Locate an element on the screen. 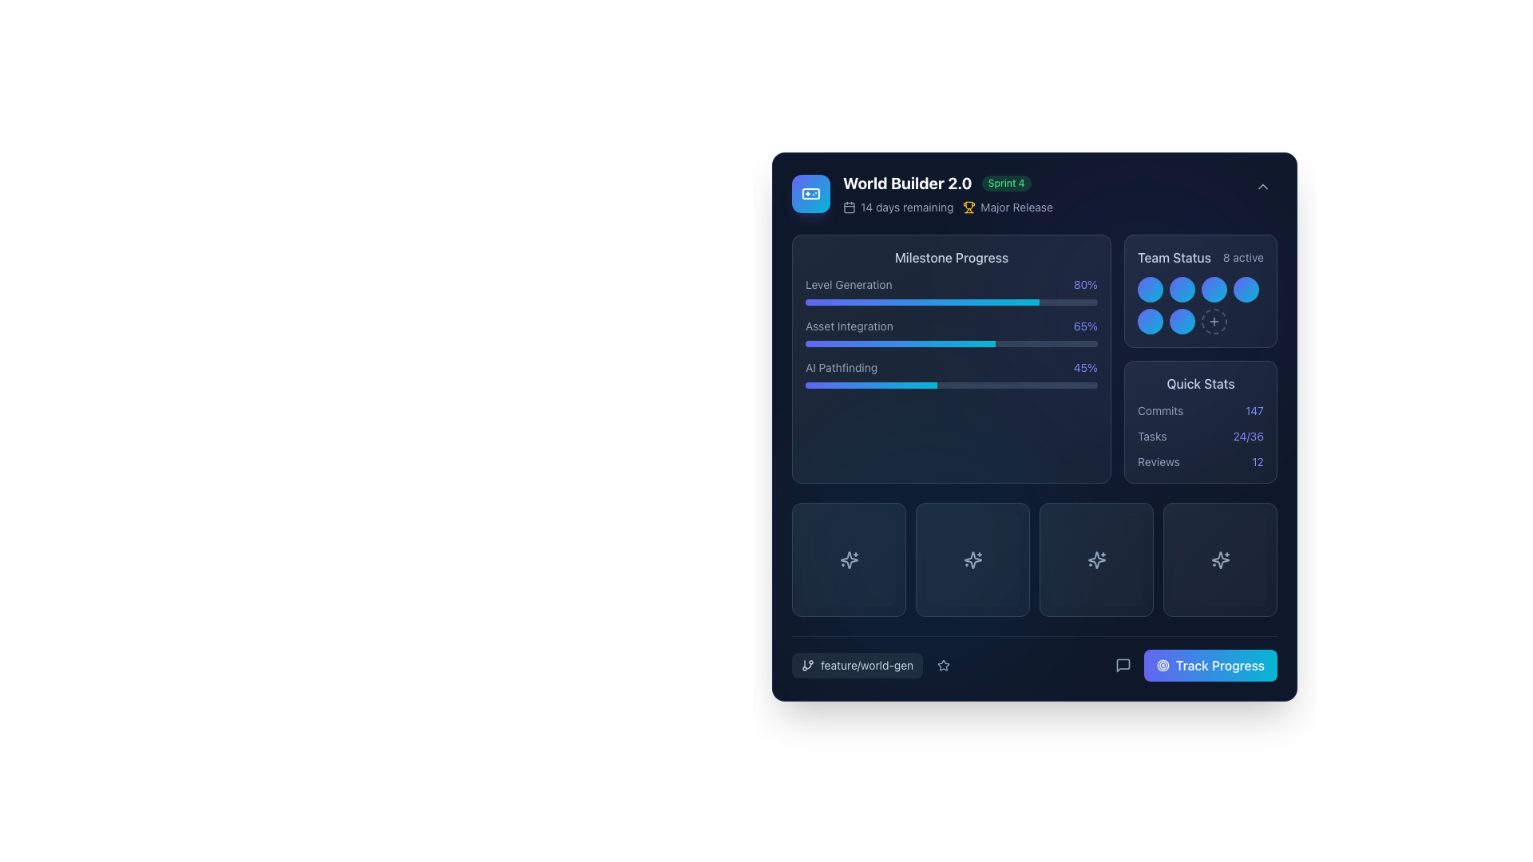  the text label displaying 'Commits', which is styled in slate gray and is part of the Quick Stats section, located to the left of the number '147' is located at coordinates (1160, 410).